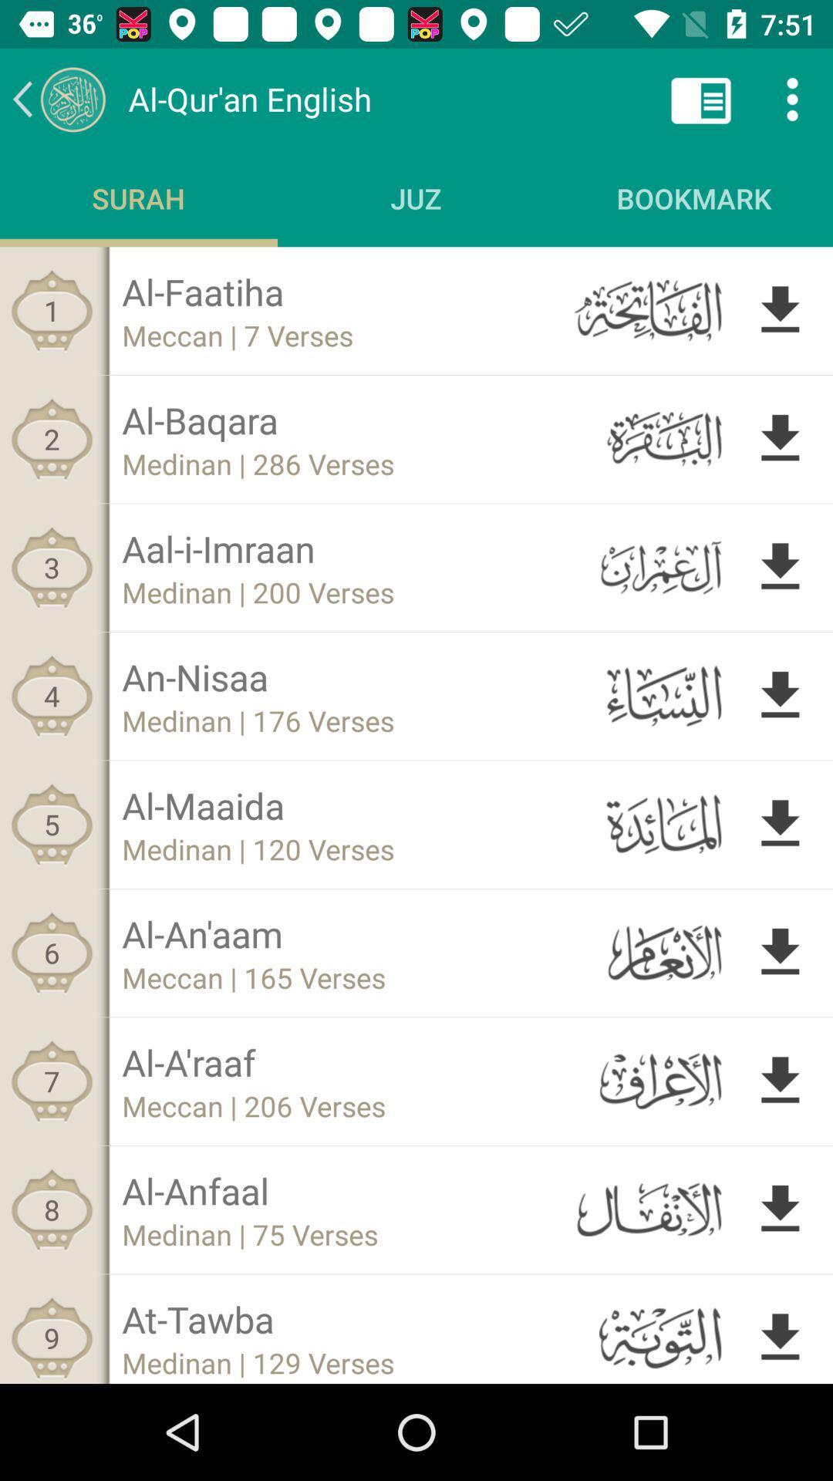 The height and width of the screenshot is (1481, 833). Describe the element at coordinates (701, 98) in the screenshot. I see `option` at that location.